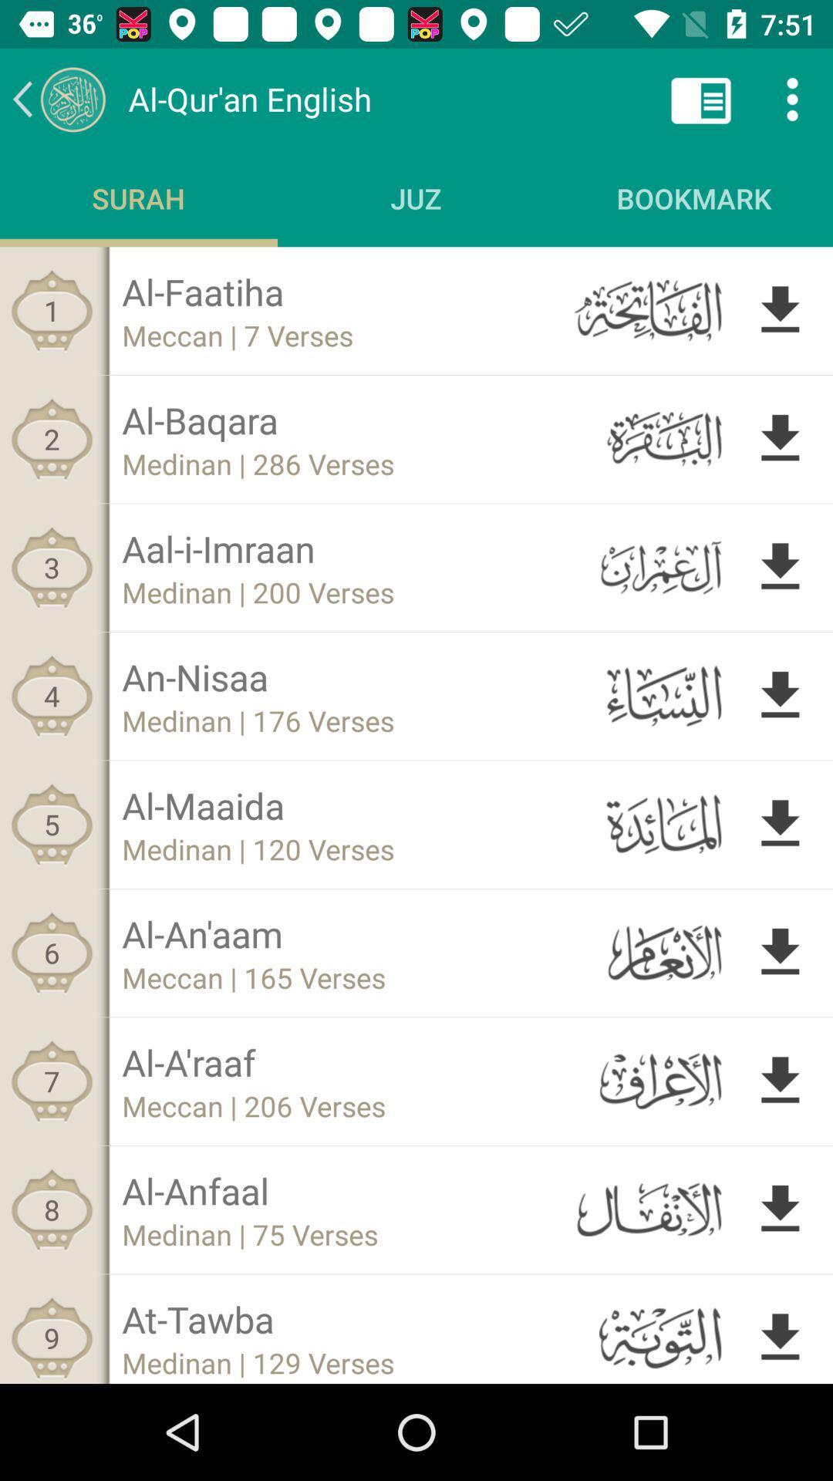 The height and width of the screenshot is (1481, 833). Describe the element at coordinates (701, 98) in the screenshot. I see `option` at that location.